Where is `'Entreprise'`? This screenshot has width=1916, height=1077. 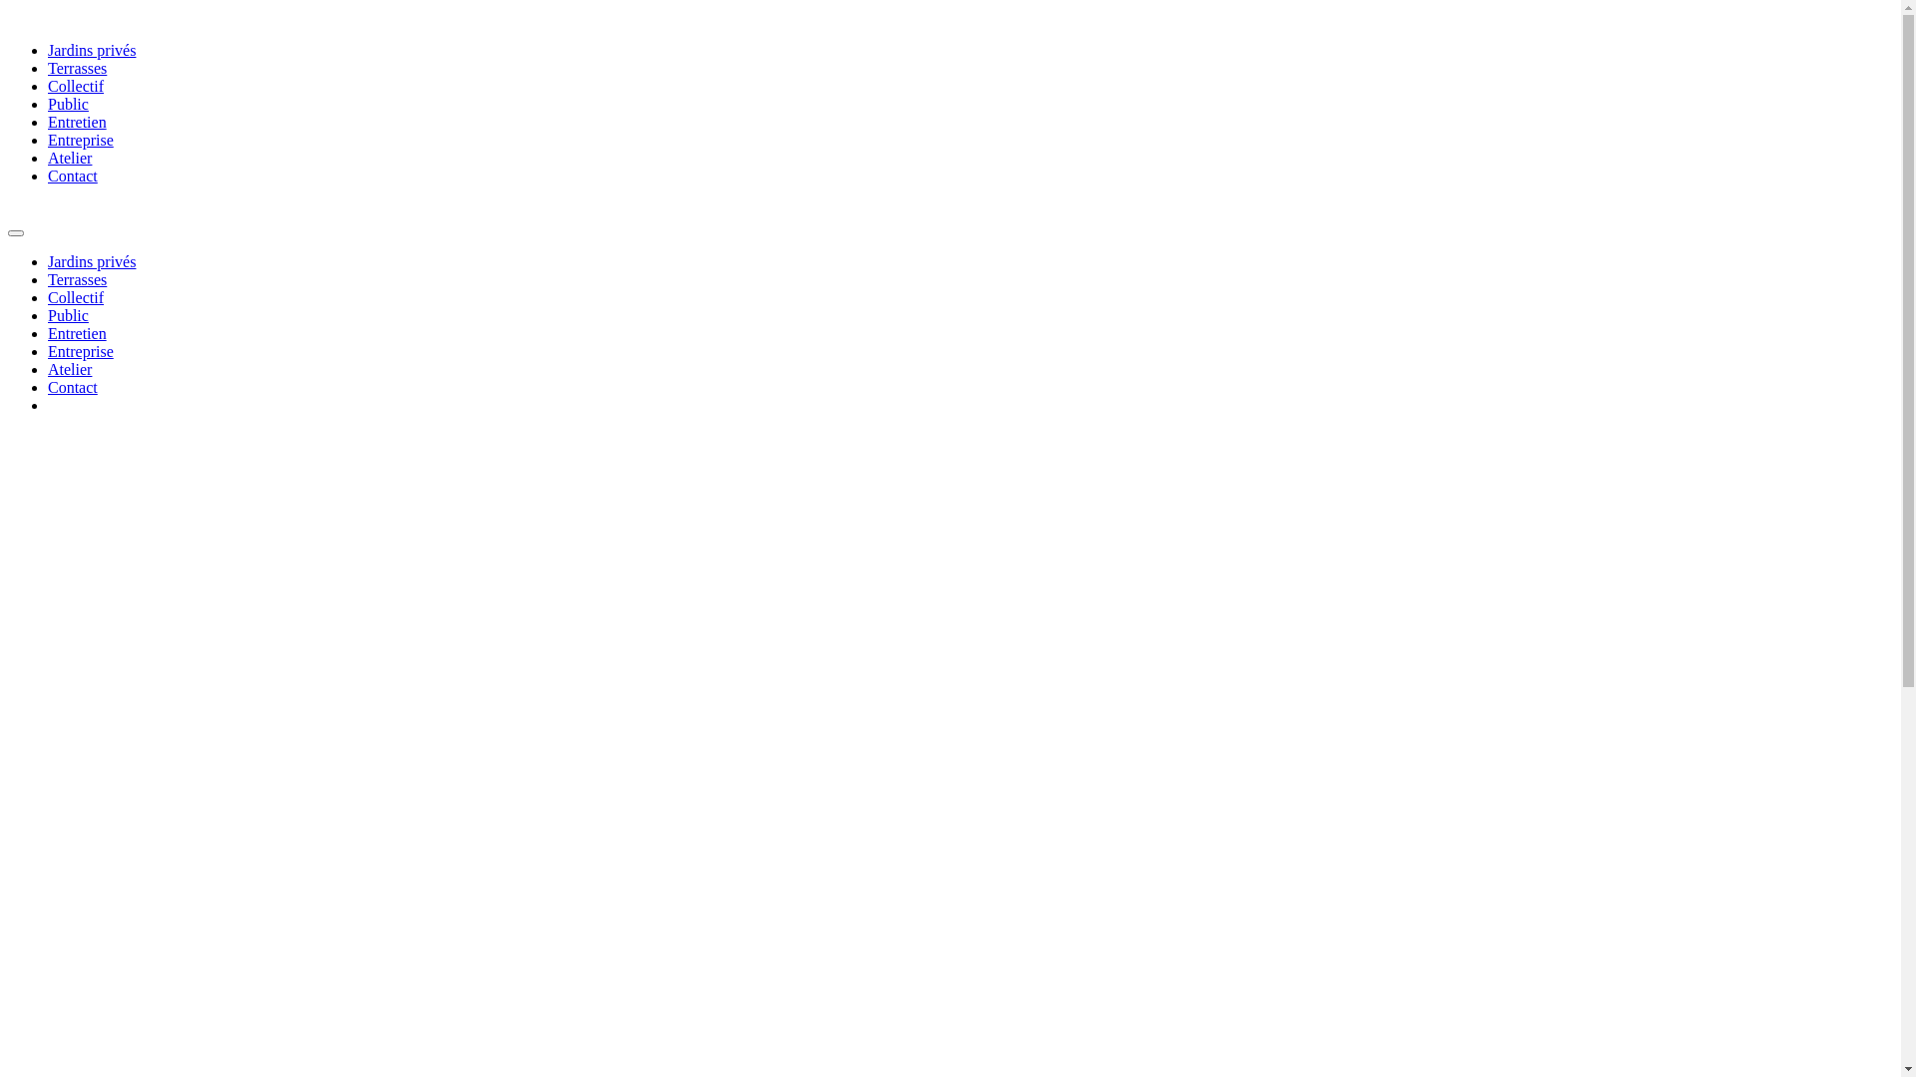 'Entreprise' is located at coordinates (80, 139).